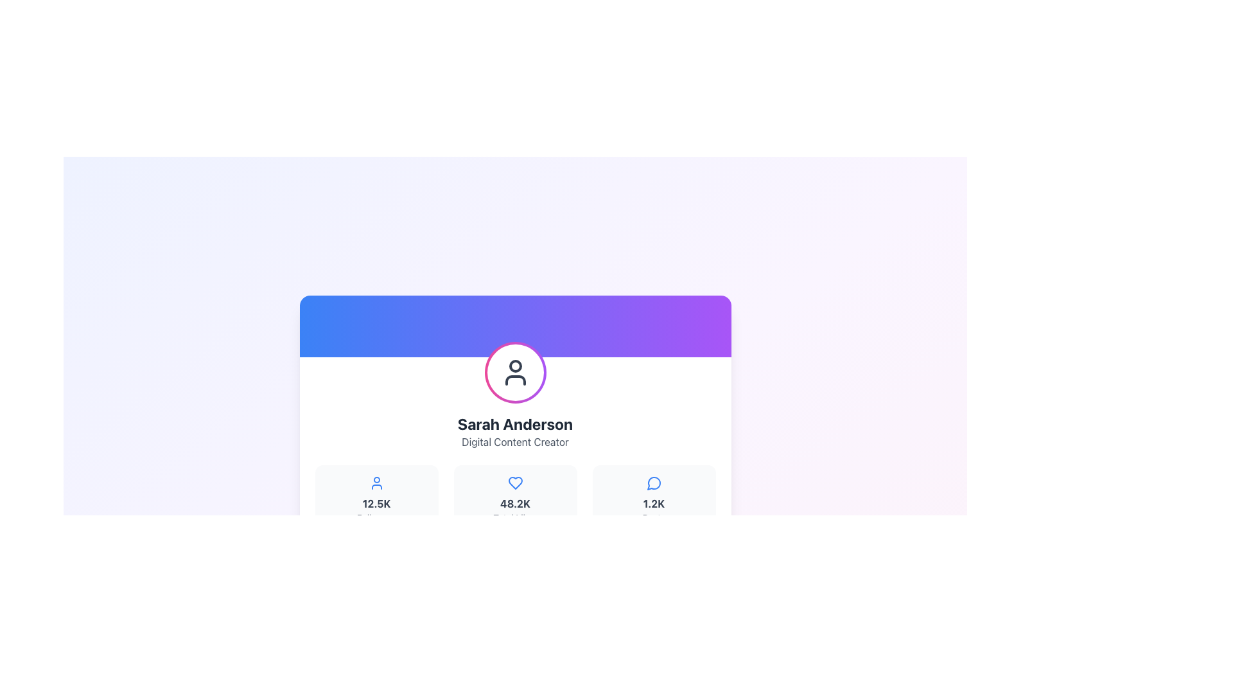 The height and width of the screenshot is (694, 1233). Describe the element at coordinates (376, 483) in the screenshot. I see `the leftmost SVG icon representing the 'Followers' metric located above the '12.5K' text in the top section of the white rectangular card` at that location.